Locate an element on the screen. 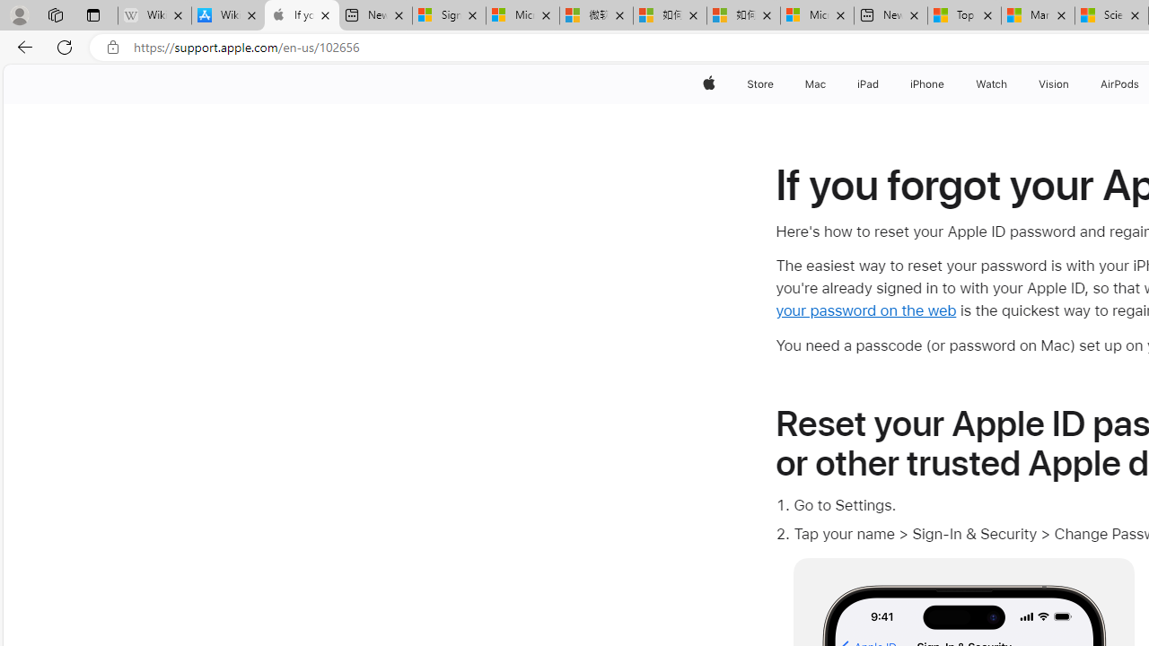 The width and height of the screenshot is (1149, 646). 'Store' is located at coordinates (759, 83).